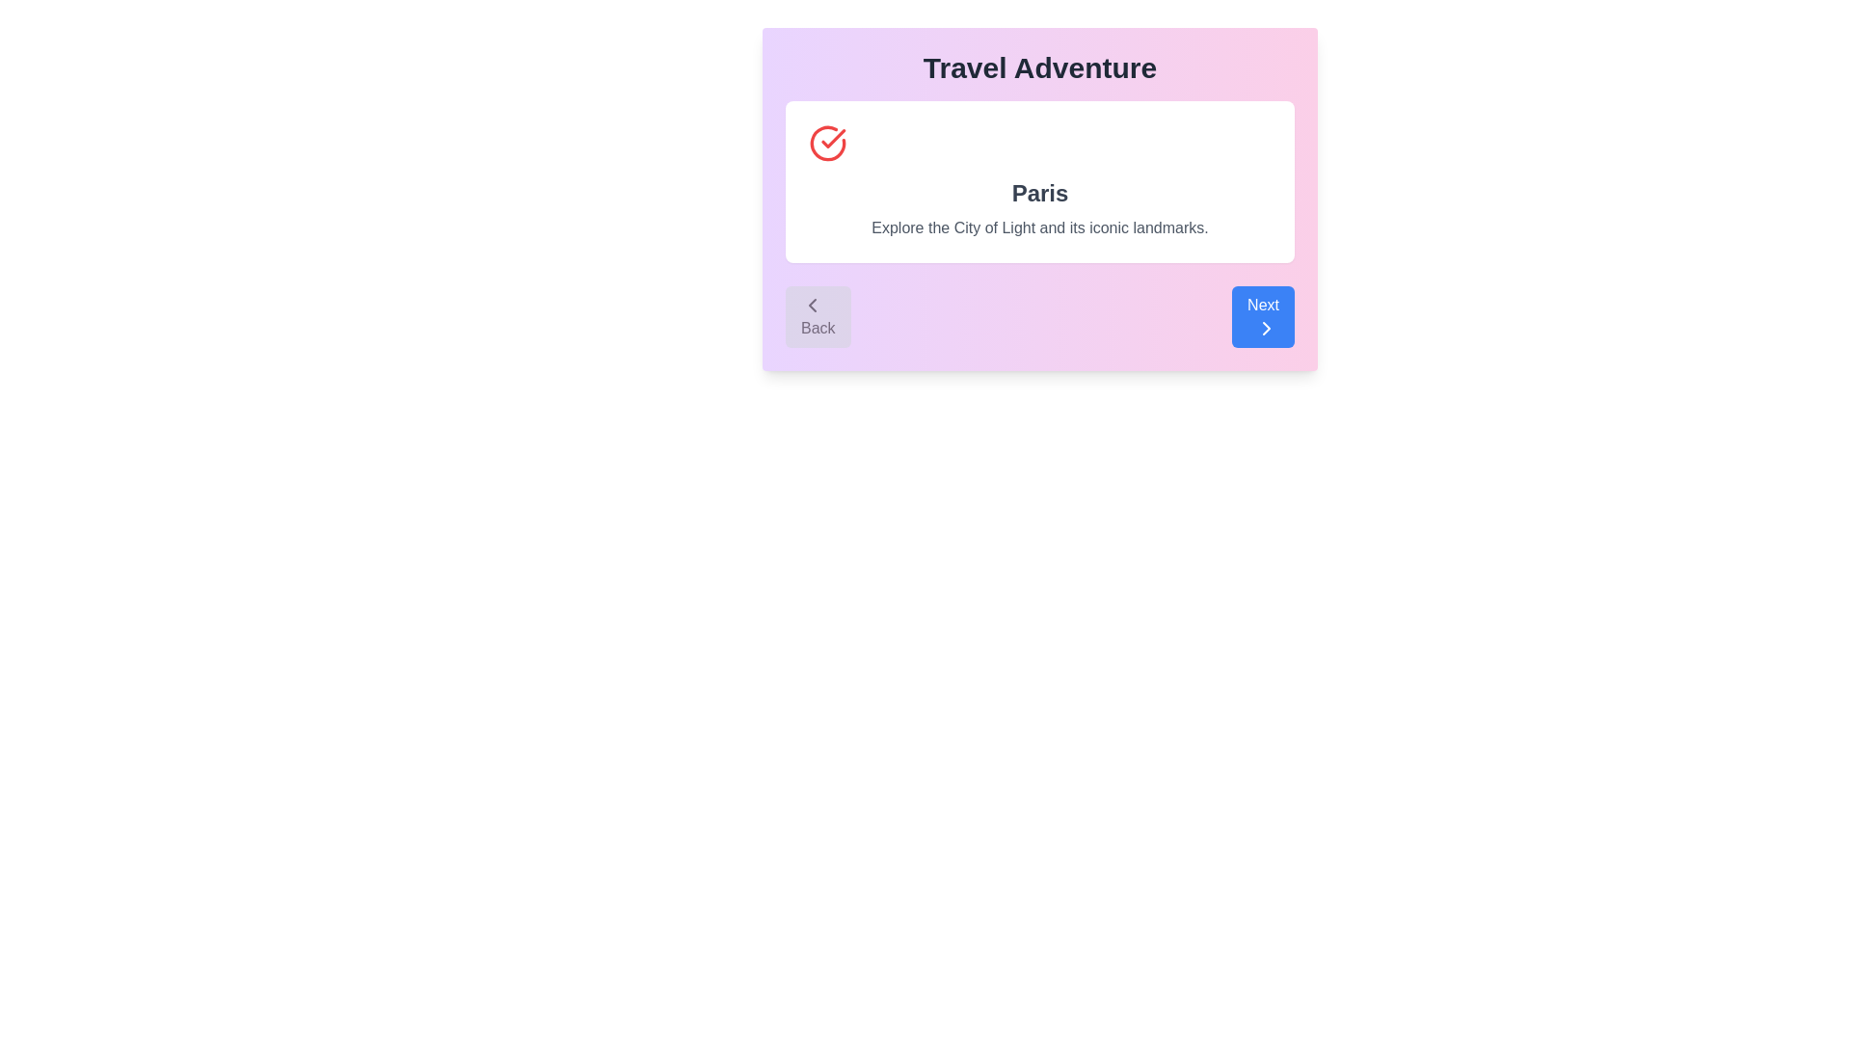 This screenshot has width=1851, height=1041. Describe the element at coordinates (1267, 327) in the screenshot. I see `the icon that represents proceeding forward, located at the center of the blue 'Next' button towards the bottom-right of the card-like layout` at that location.